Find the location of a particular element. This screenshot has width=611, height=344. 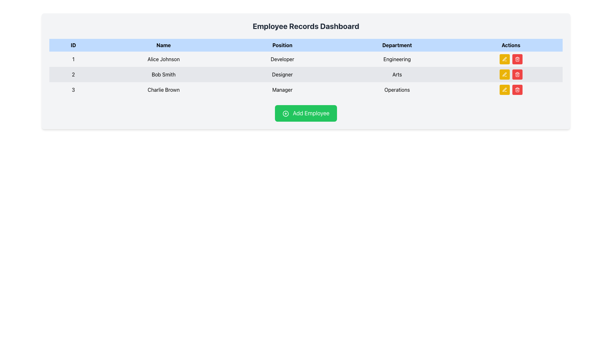

the 'Manager' text label in the third row of the table, which is located in the 'Position' column with a gray background is located at coordinates (282, 90).